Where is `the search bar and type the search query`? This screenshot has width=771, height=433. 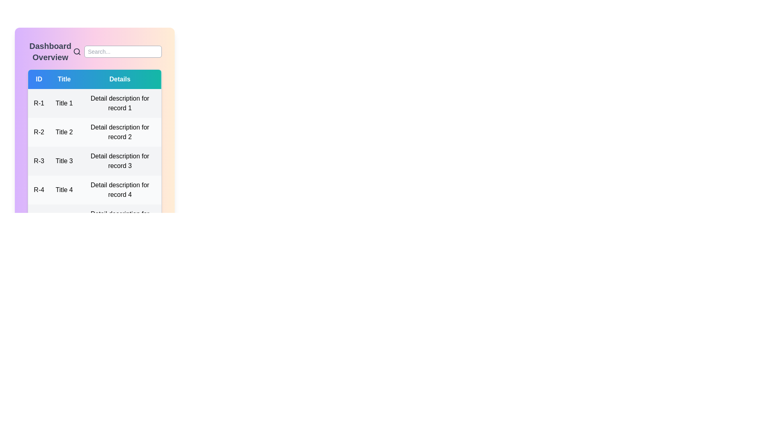
the search bar and type the search query is located at coordinates (122, 51).